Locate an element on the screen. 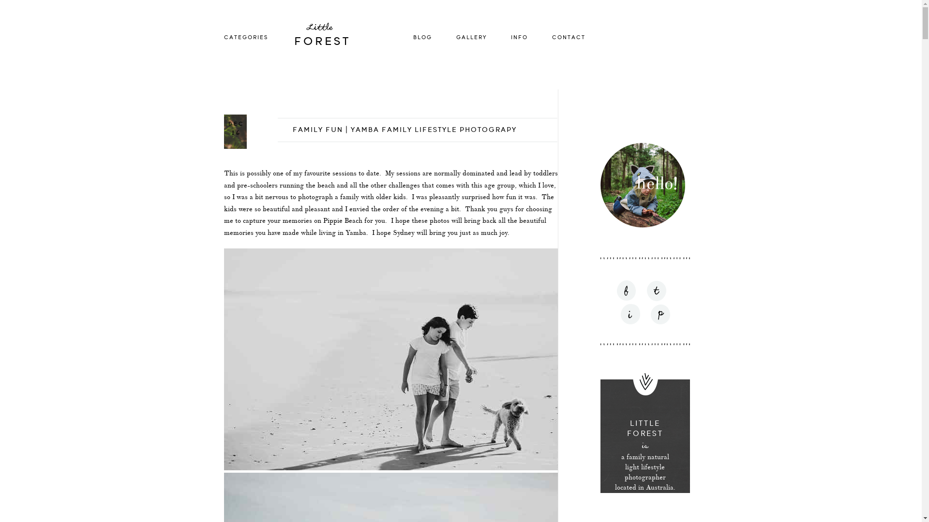 Image resolution: width=929 pixels, height=522 pixels. 'CATEGORIES' is located at coordinates (245, 37).